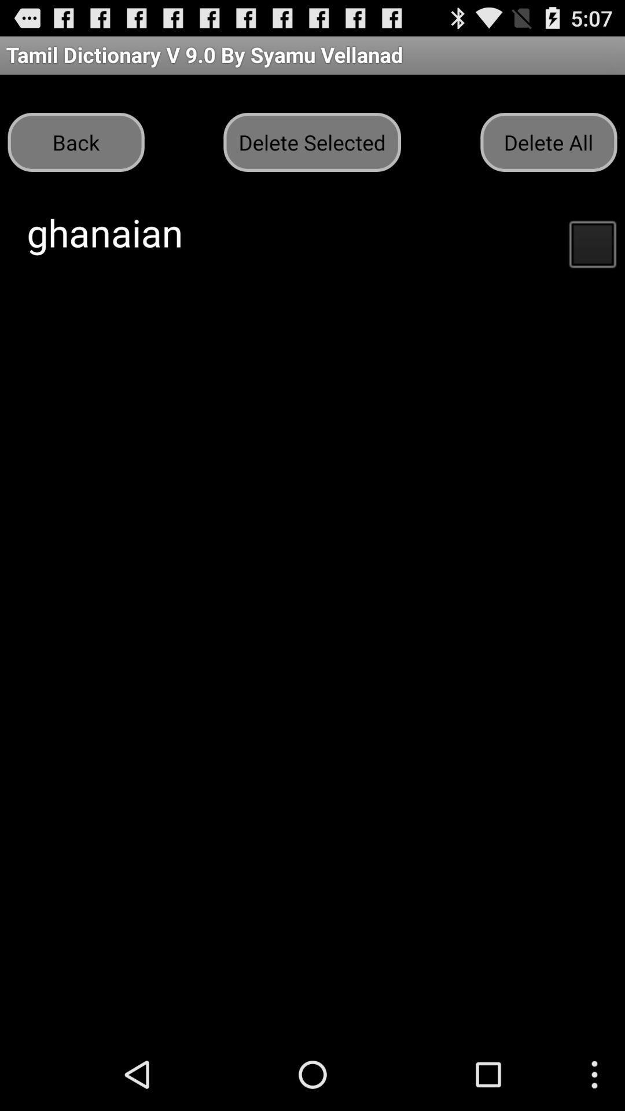 The height and width of the screenshot is (1111, 625). Describe the element at coordinates (592, 242) in the screenshot. I see `option` at that location.